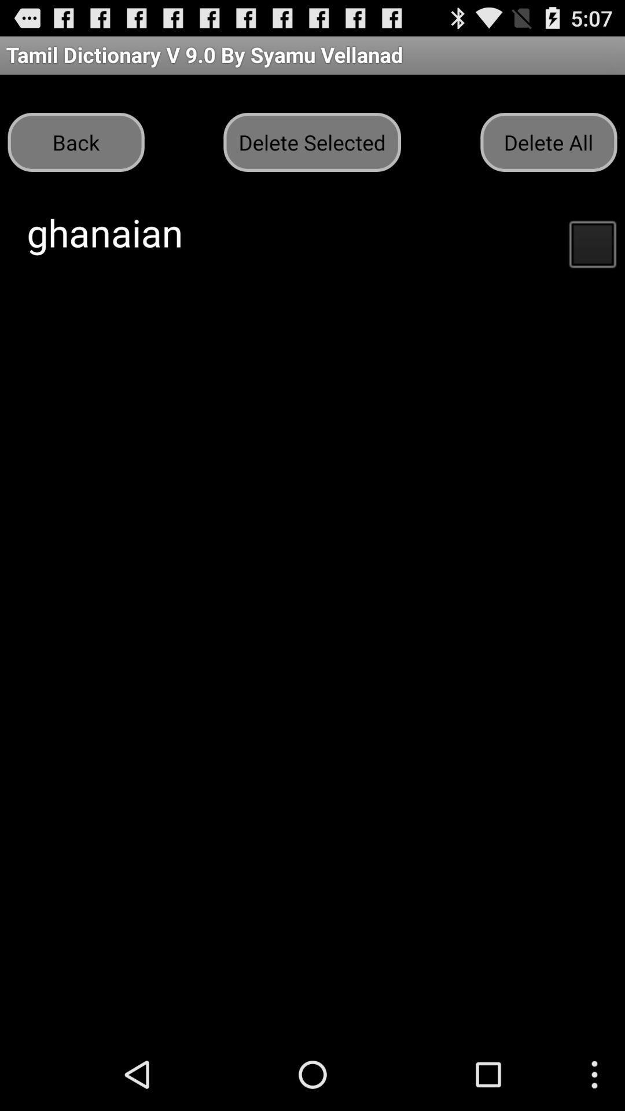 The height and width of the screenshot is (1111, 625). Describe the element at coordinates (592, 242) in the screenshot. I see `option` at that location.